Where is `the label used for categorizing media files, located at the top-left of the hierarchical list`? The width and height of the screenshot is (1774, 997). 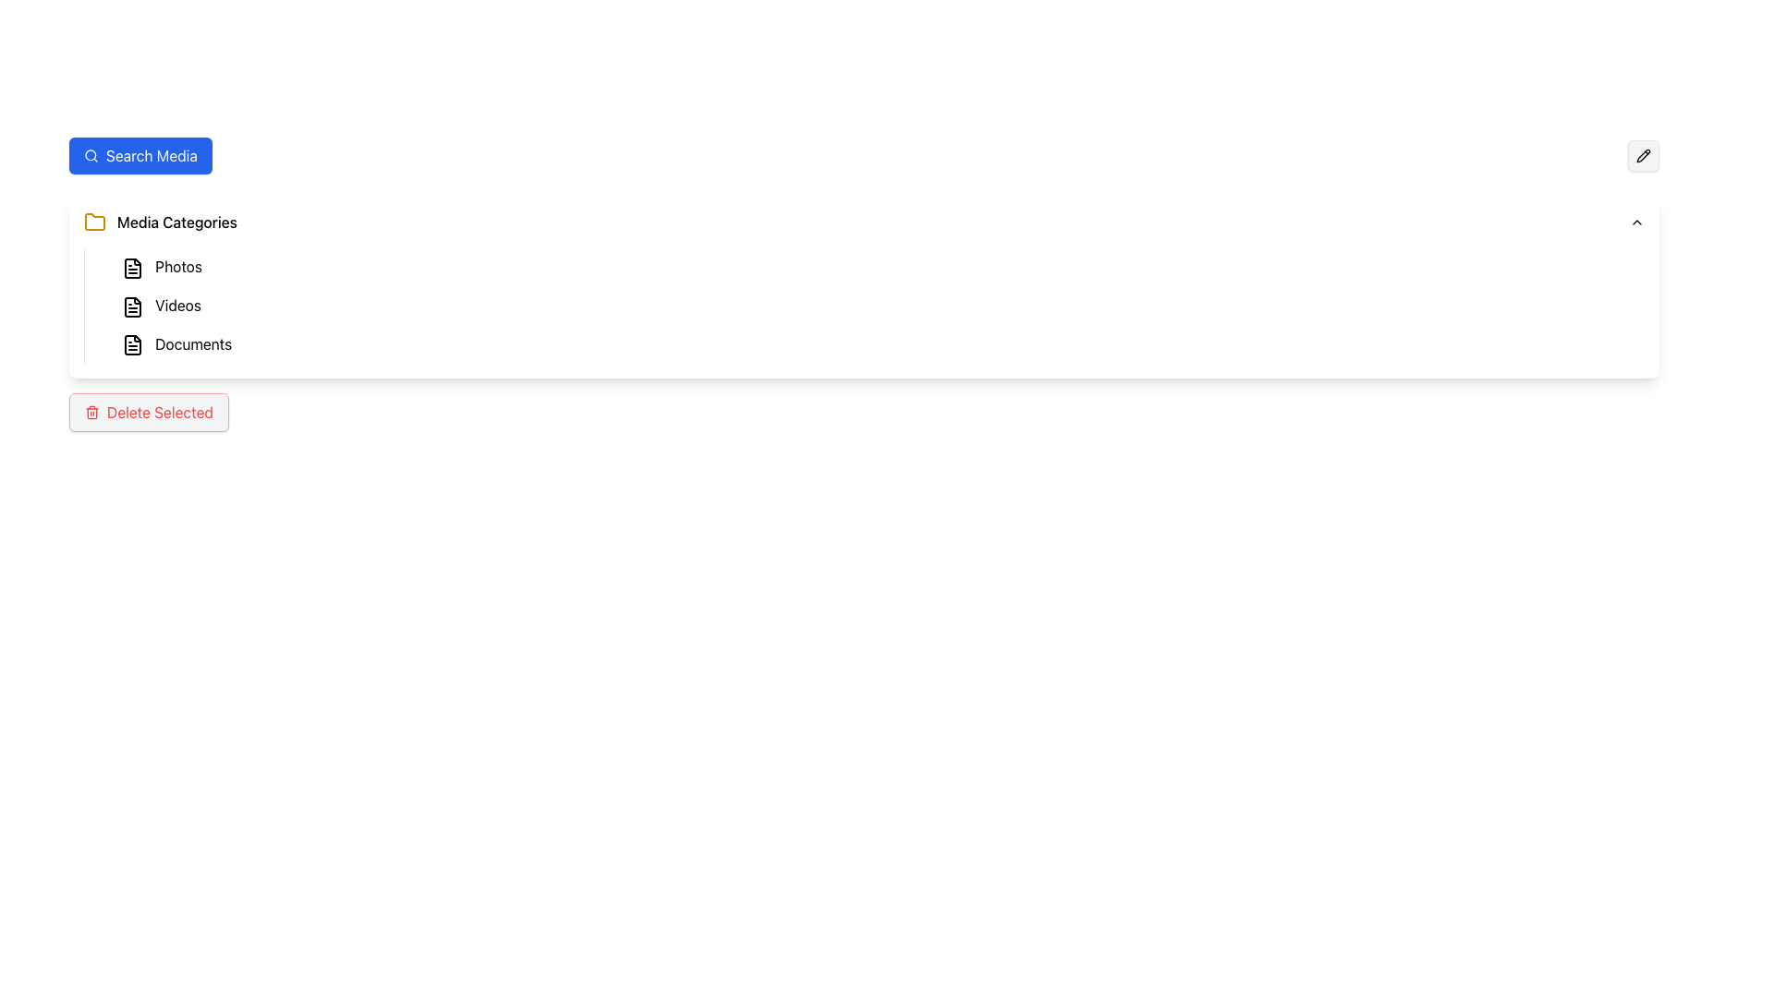 the label used for categorizing media files, located at the top-left of the hierarchical list is located at coordinates (160, 221).